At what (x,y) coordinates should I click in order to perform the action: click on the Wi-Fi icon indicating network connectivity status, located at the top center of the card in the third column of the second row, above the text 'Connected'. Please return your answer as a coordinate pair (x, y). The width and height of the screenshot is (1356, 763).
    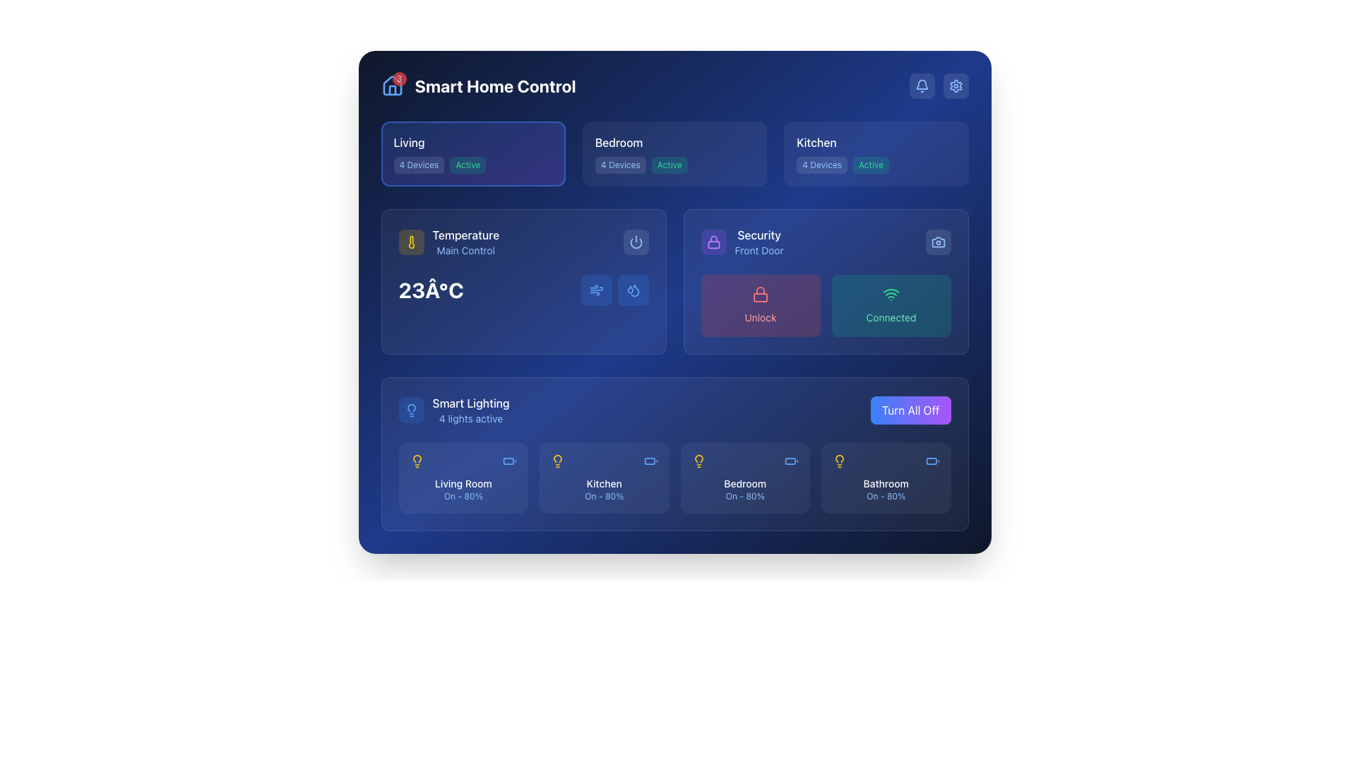
    Looking at the image, I should click on (891, 293).